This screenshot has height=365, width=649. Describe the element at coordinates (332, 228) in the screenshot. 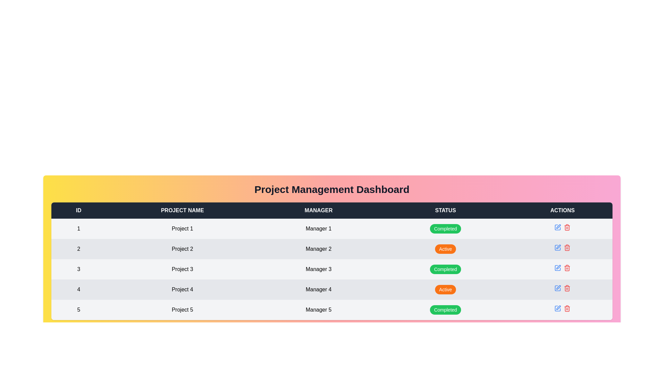

I see `values in the first row of the table displaying data, which includes ID, project name 'Project 1', manager name 'Manager 1', status 'Completed', and action icons` at that location.